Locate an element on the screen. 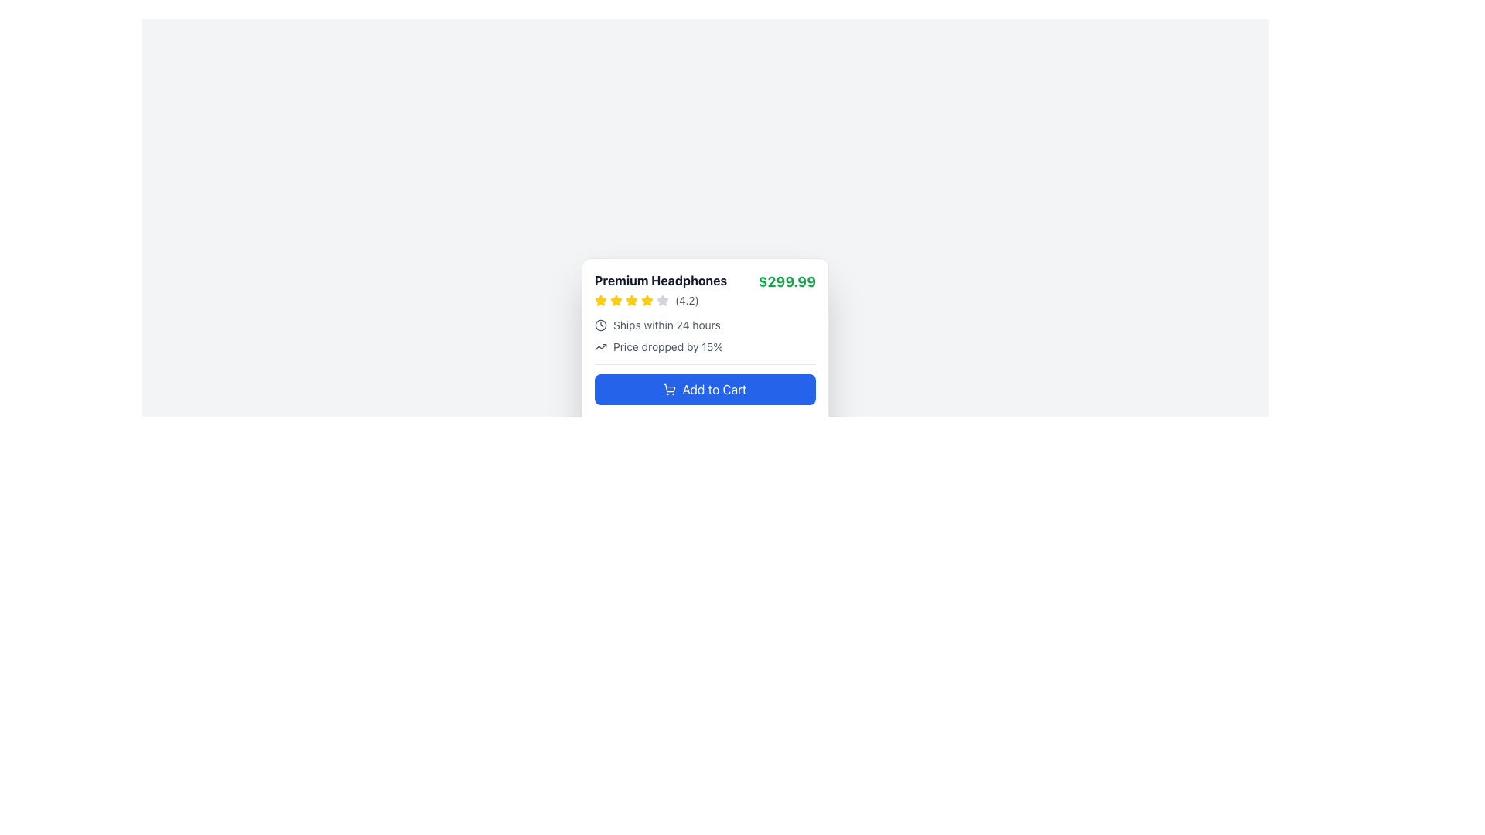 Image resolution: width=1485 pixels, height=835 pixels. the price text label located in the top-right corner of the product detail card to provide immediate cost information to users is located at coordinates (787, 282).